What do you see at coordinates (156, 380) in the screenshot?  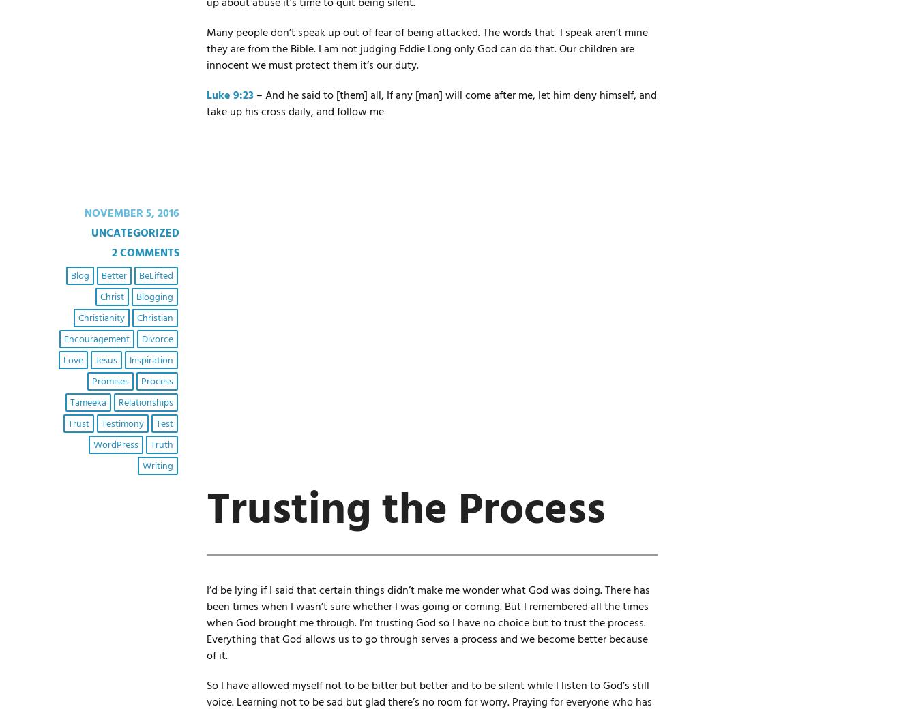 I see `'Process'` at bounding box center [156, 380].